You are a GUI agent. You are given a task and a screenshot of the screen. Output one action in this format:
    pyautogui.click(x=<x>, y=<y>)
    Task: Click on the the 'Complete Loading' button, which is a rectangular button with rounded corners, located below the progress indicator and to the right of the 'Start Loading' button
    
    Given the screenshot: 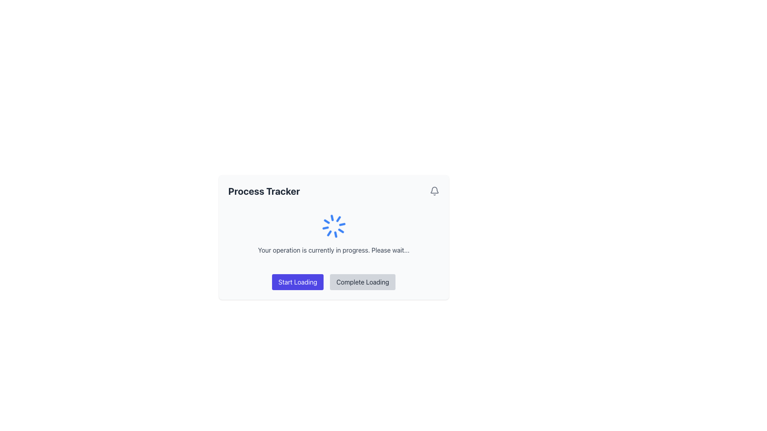 What is the action you would take?
    pyautogui.click(x=362, y=281)
    